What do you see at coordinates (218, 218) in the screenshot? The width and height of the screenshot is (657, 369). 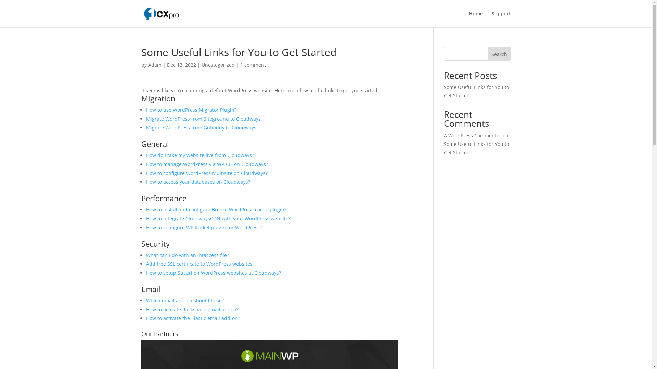 I see `'How to integrate CloudwaysCDN with your WordPress website?'` at bounding box center [218, 218].